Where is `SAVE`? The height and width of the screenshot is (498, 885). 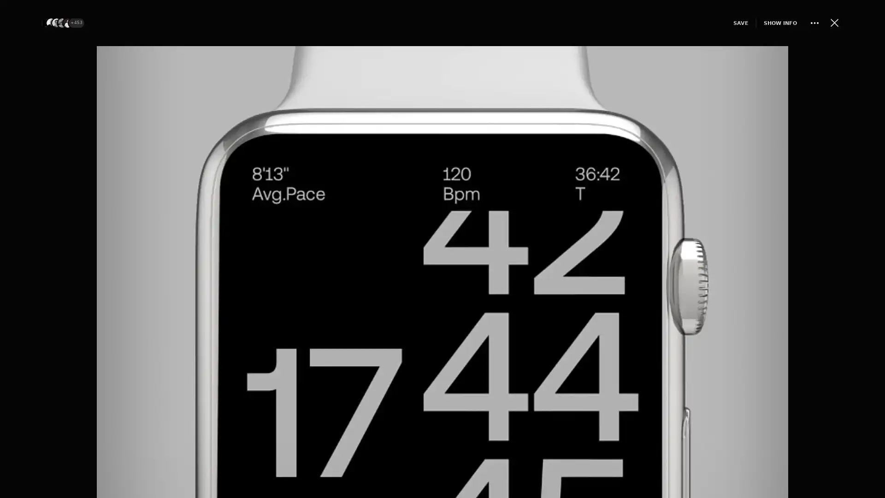 SAVE is located at coordinates (734, 22).